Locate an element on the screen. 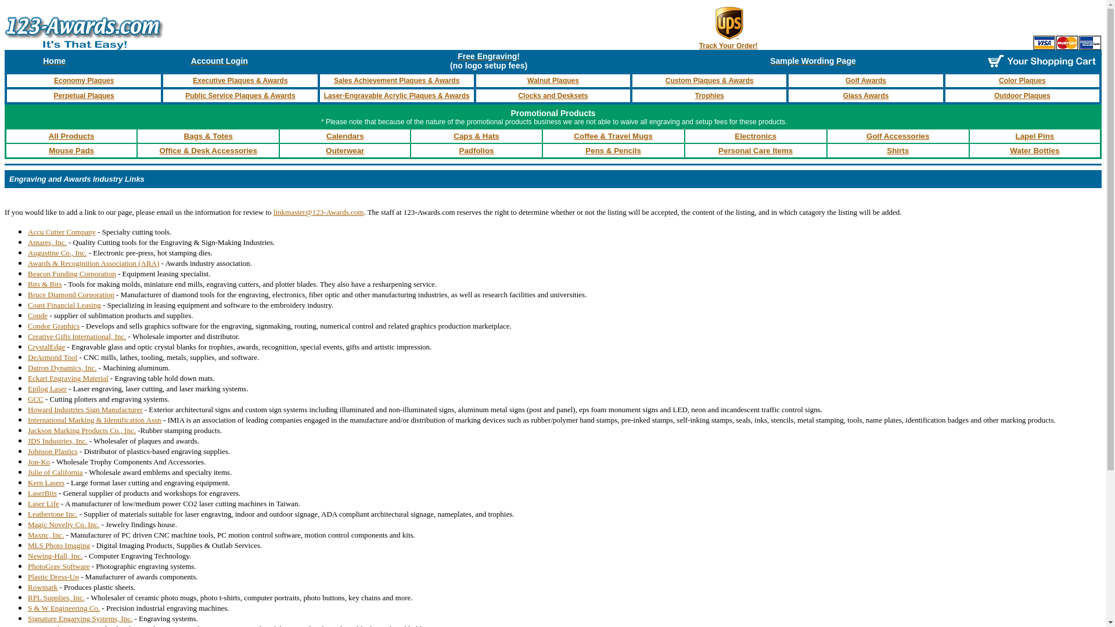  'Shirts' is located at coordinates (897, 150).